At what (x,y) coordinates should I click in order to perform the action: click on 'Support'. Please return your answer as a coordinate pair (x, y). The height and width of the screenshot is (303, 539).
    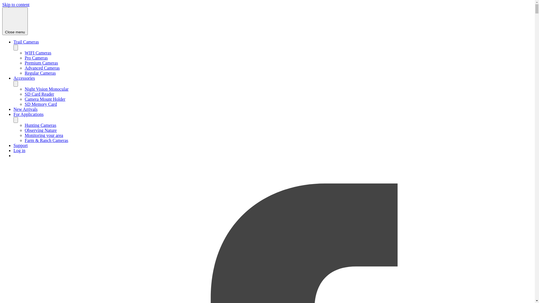
    Looking at the image, I should click on (20, 145).